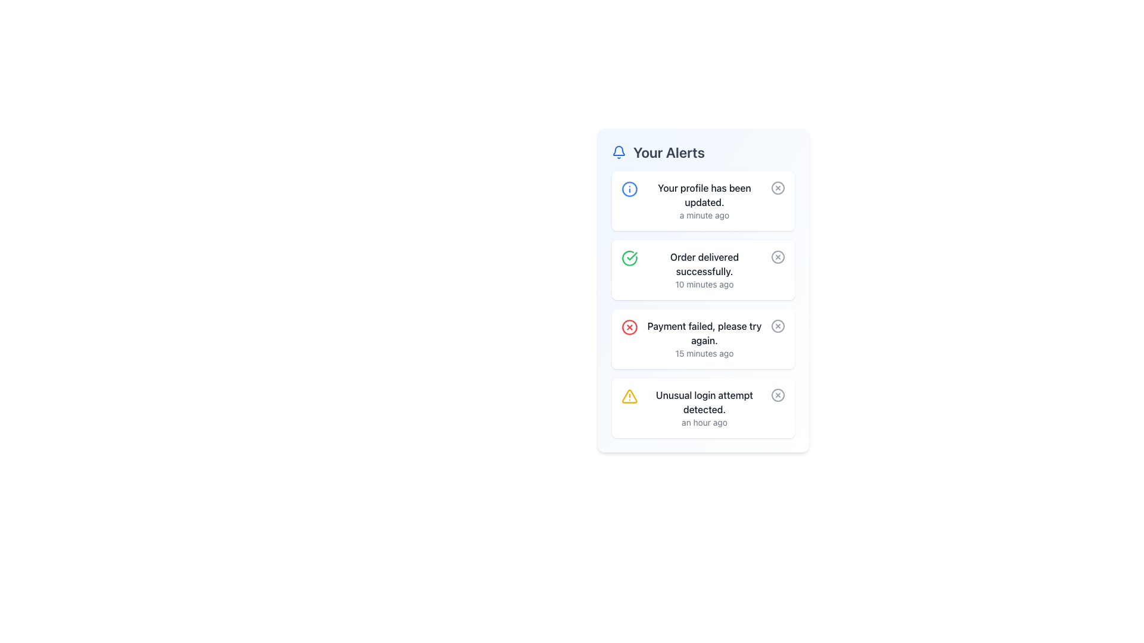 This screenshot has height=643, width=1144. I want to click on text label that serves as a heading for the notification section, located at the top left corner of the vertical card-like section, so click(669, 151).